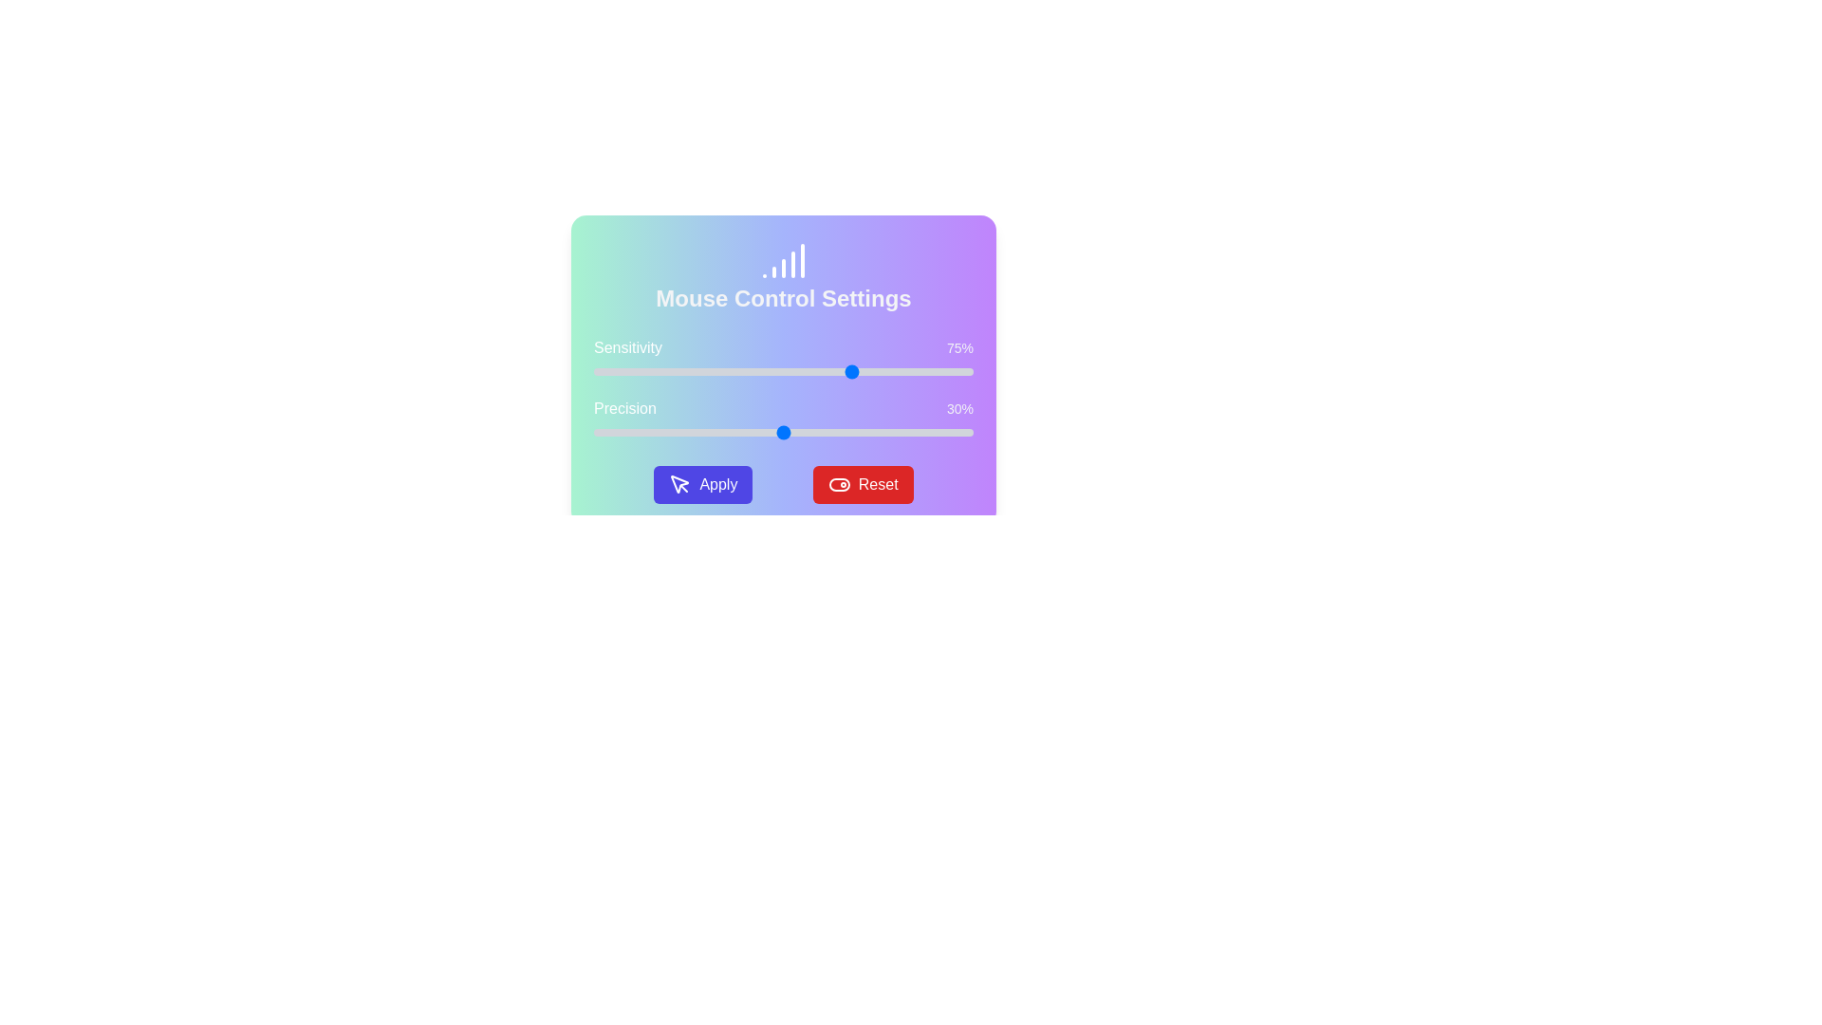 Image resolution: width=1822 pixels, height=1025 pixels. I want to click on the 'Reset' button located in the lower right area of the interface, so click(862, 483).